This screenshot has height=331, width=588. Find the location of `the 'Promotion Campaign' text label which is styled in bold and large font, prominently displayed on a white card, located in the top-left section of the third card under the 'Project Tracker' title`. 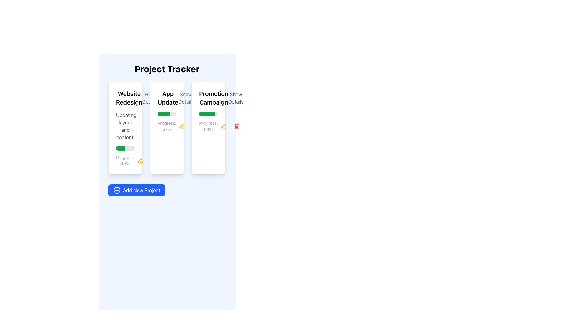

the 'Promotion Campaign' text label which is styled in bold and large font, prominently displayed on a white card, located in the top-left section of the third card under the 'Project Tracker' title is located at coordinates (213, 98).